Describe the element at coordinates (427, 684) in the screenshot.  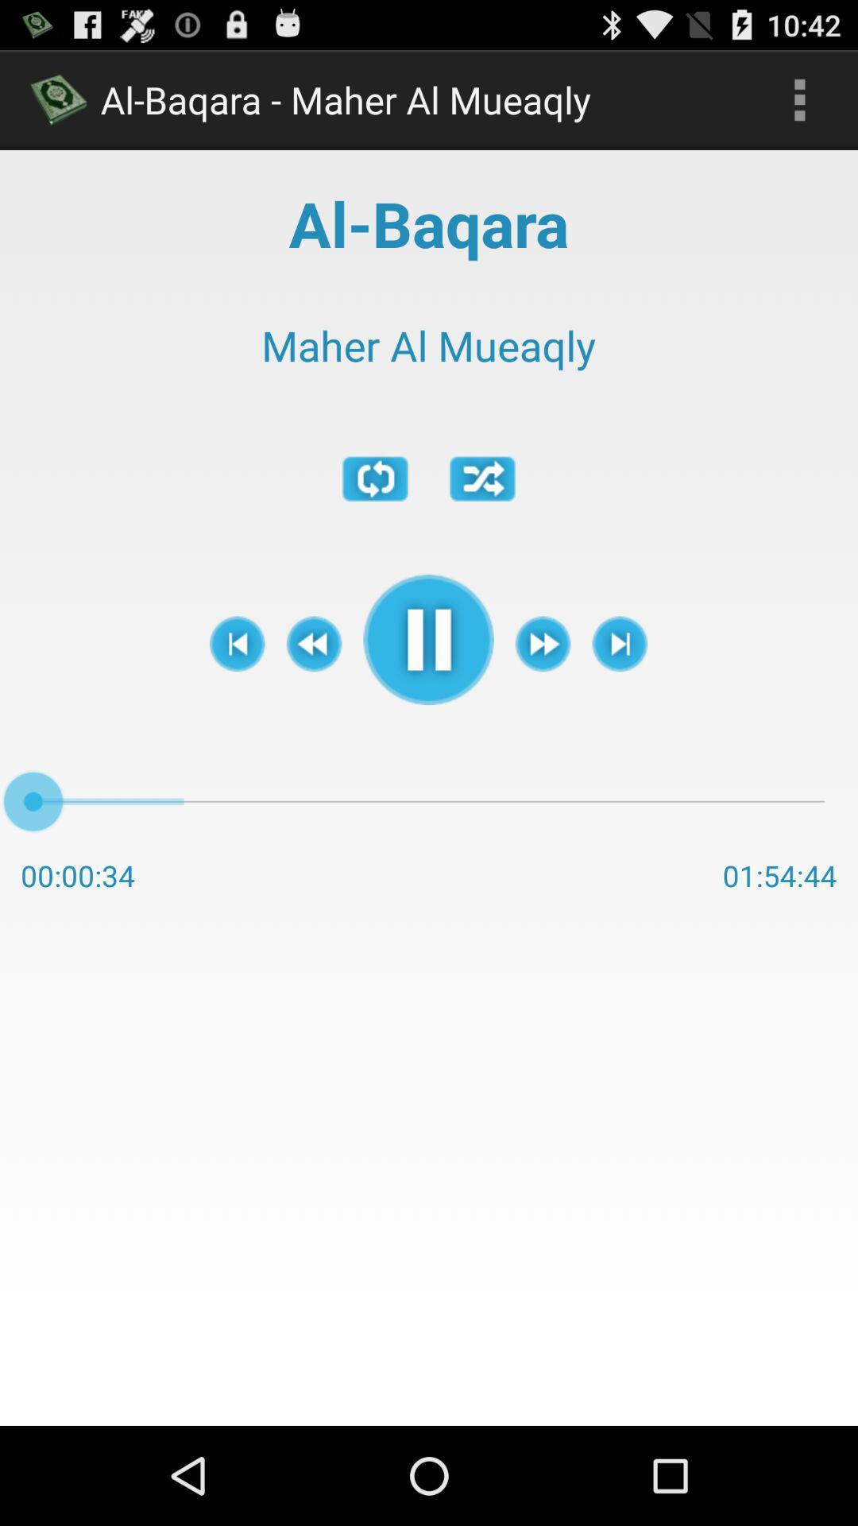
I see `the pause icon` at that location.